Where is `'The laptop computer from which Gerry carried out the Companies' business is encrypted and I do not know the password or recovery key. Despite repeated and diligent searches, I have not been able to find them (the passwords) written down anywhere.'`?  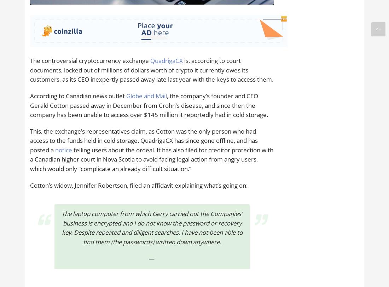
'The laptop computer from which Gerry carried out the Companies' business is encrypted and I do not know the password or recovery key. Despite repeated and diligent searches, I have not been able to find them (the passwords) written down anywhere.' is located at coordinates (151, 228).